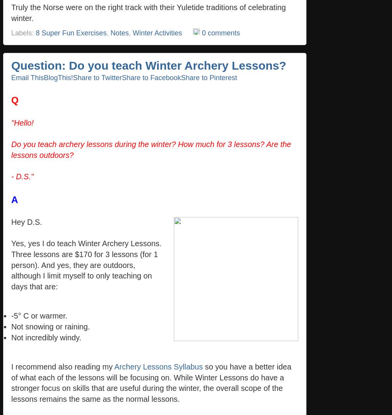  What do you see at coordinates (27, 77) in the screenshot?
I see `'Email This'` at bounding box center [27, 77].